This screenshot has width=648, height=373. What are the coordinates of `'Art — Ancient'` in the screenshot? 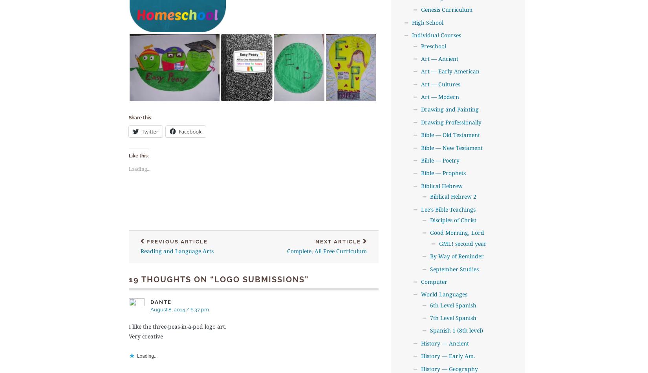 It's located at (421, 58).